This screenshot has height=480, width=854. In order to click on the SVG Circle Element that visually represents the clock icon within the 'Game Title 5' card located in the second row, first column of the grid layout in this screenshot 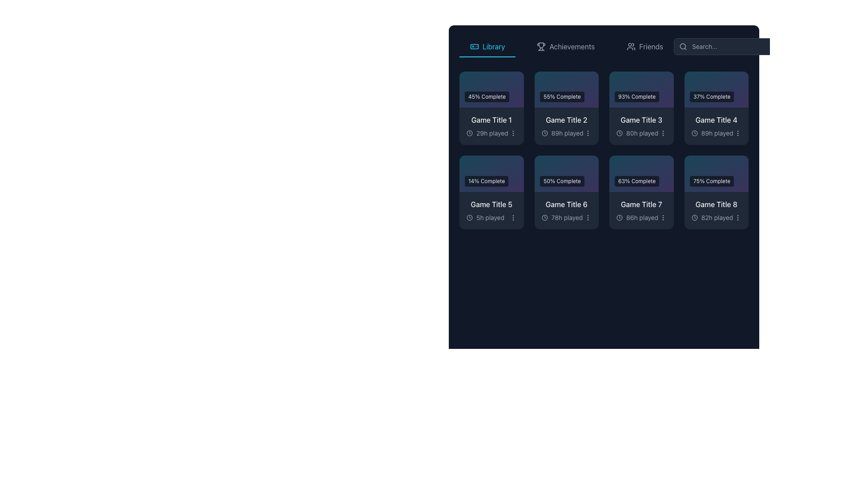, I will do `click(469, 217)`.